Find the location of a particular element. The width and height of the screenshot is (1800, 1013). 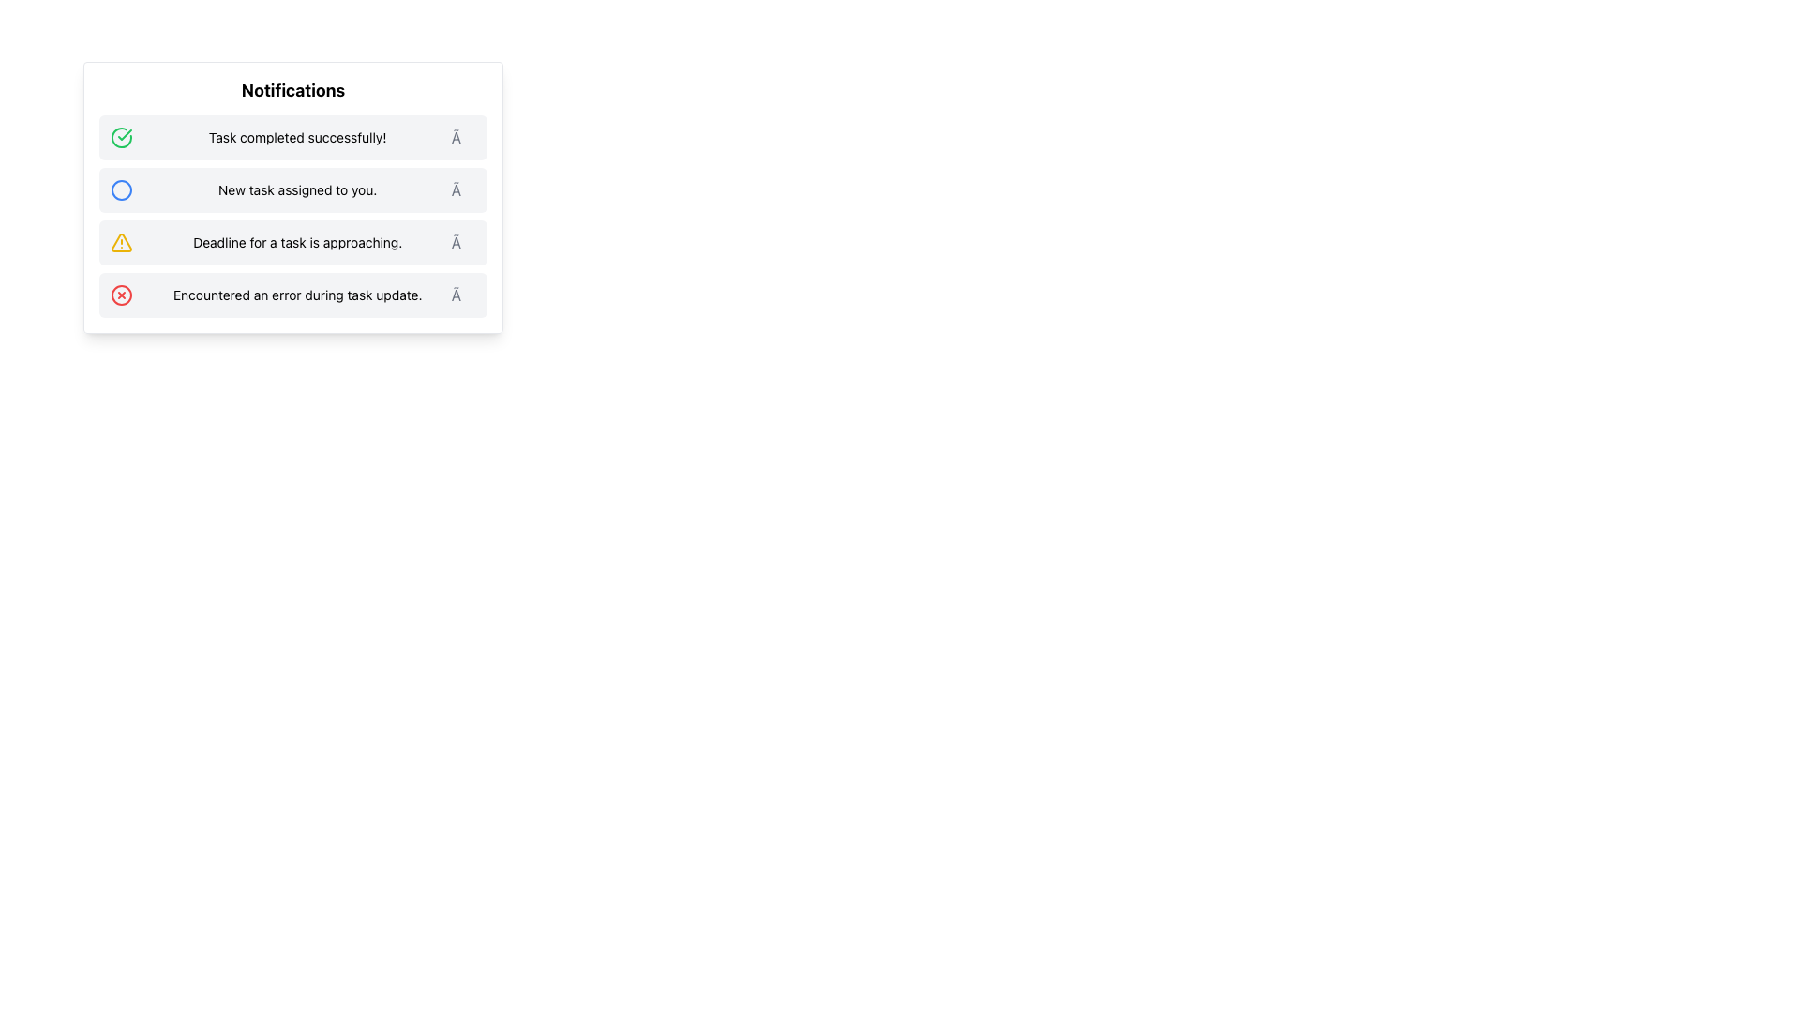

the circular icon with a green border and green checkmark, located in the topmost notification entry, to the left of the text 'Task completed successfully!' is located at coordinates (120, 136).